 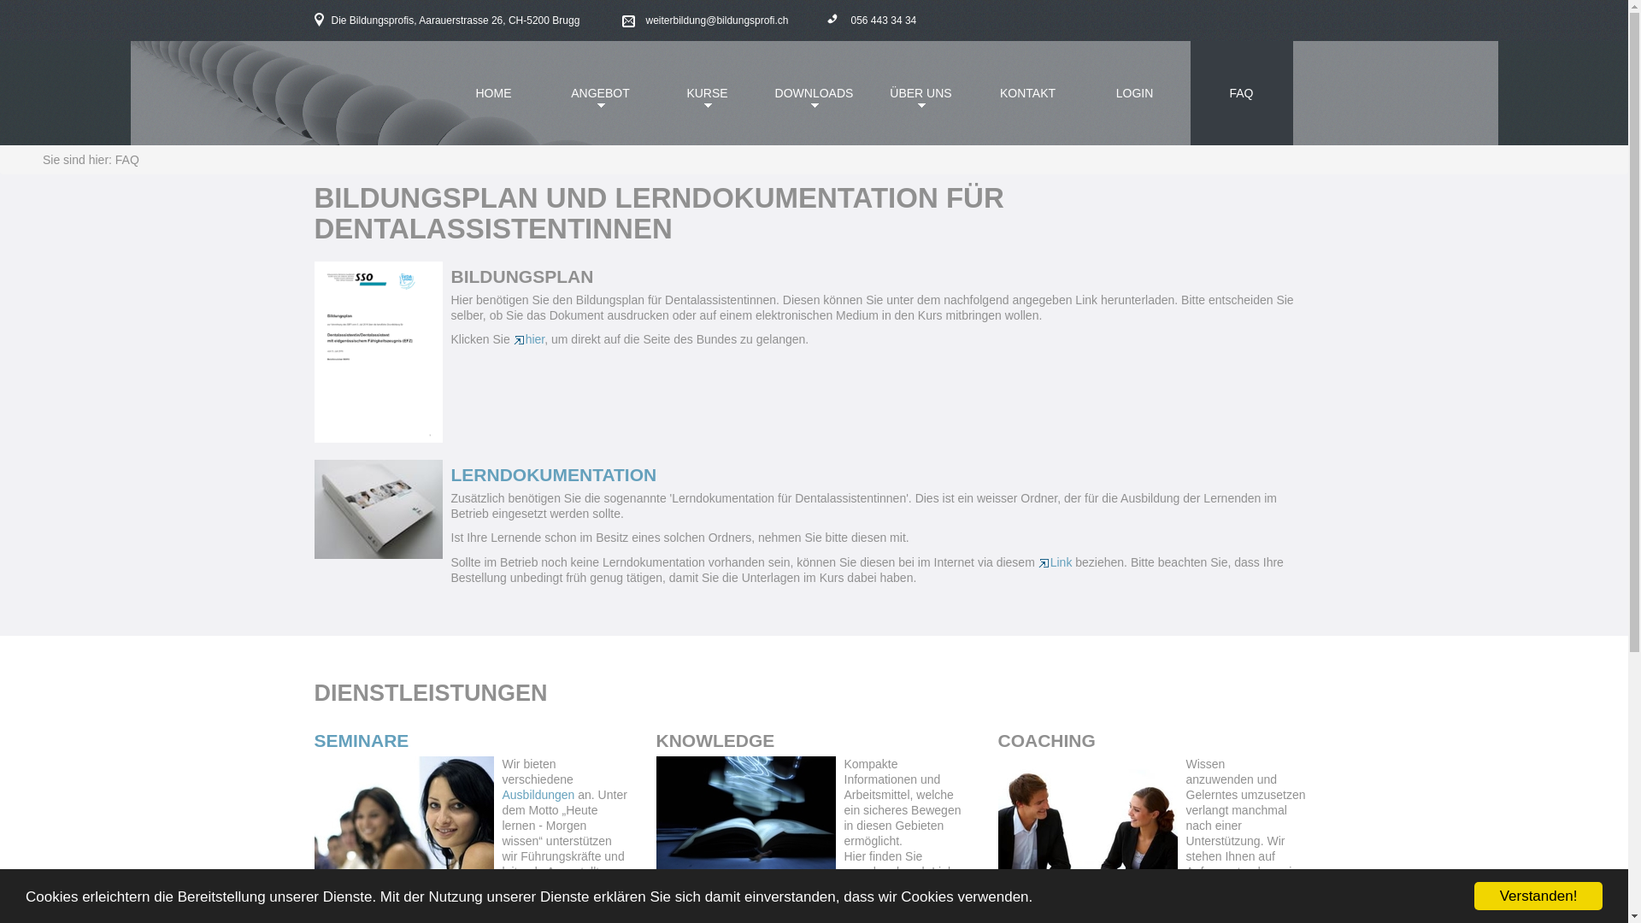 What do you see at coordinates (1026, 92) in the screenshot?
I see `'KONTAKT'` at bounding box center [1026, 92].